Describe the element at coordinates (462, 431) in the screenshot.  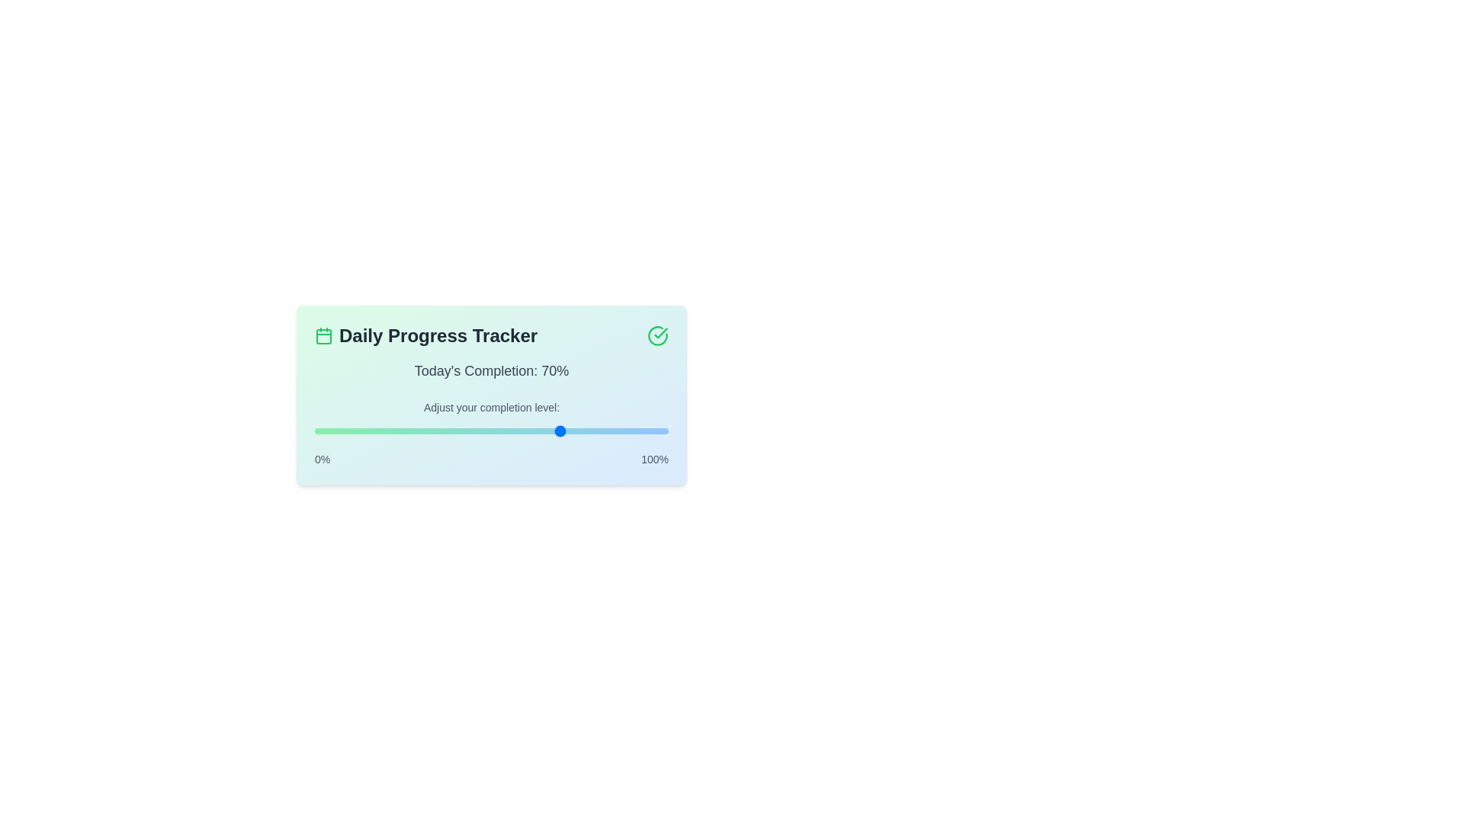
I see `the progress level to 42%` at that location.